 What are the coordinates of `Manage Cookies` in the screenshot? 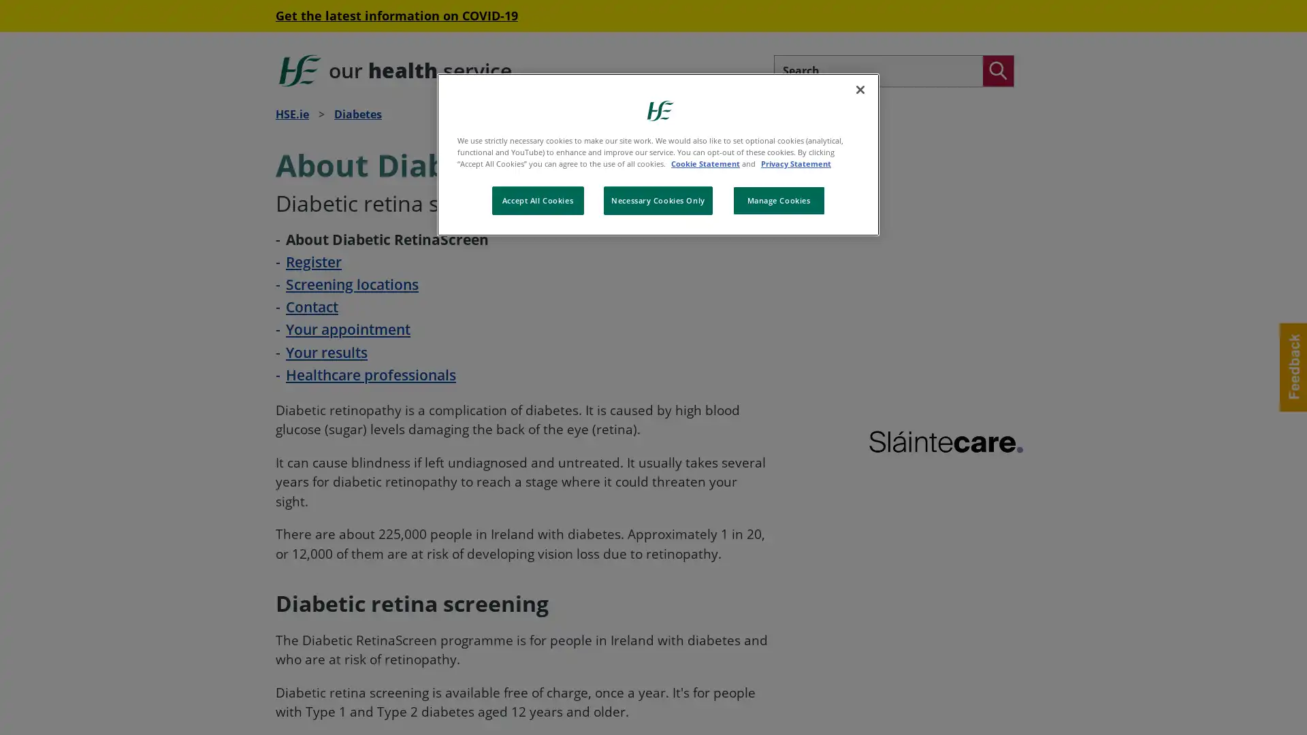 It's located at (778, 200).